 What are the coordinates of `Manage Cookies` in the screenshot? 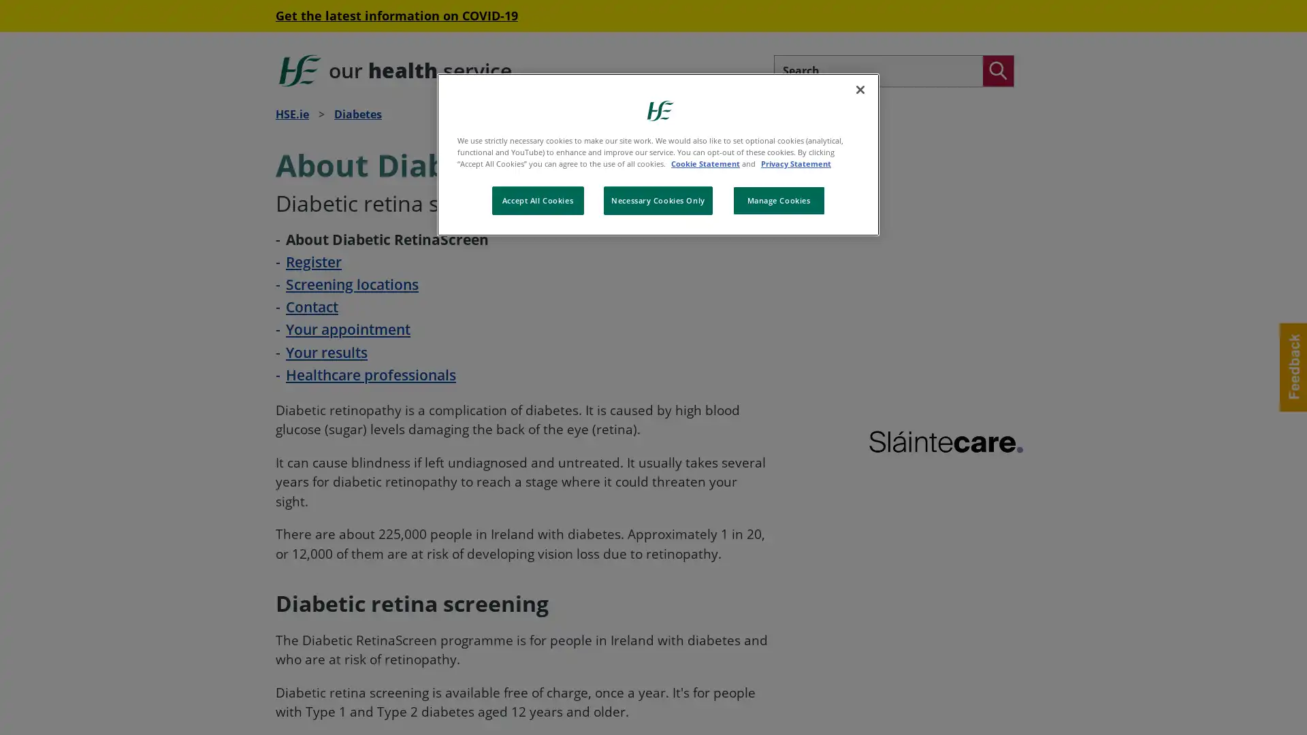 It's located at (778, 200).